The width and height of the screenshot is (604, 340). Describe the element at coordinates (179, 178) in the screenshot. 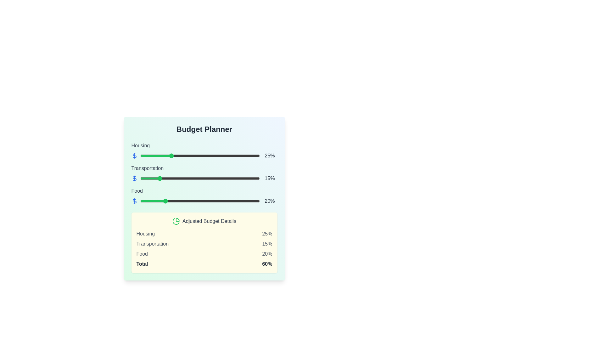

I see `the 'Transportation' slider` at that location.